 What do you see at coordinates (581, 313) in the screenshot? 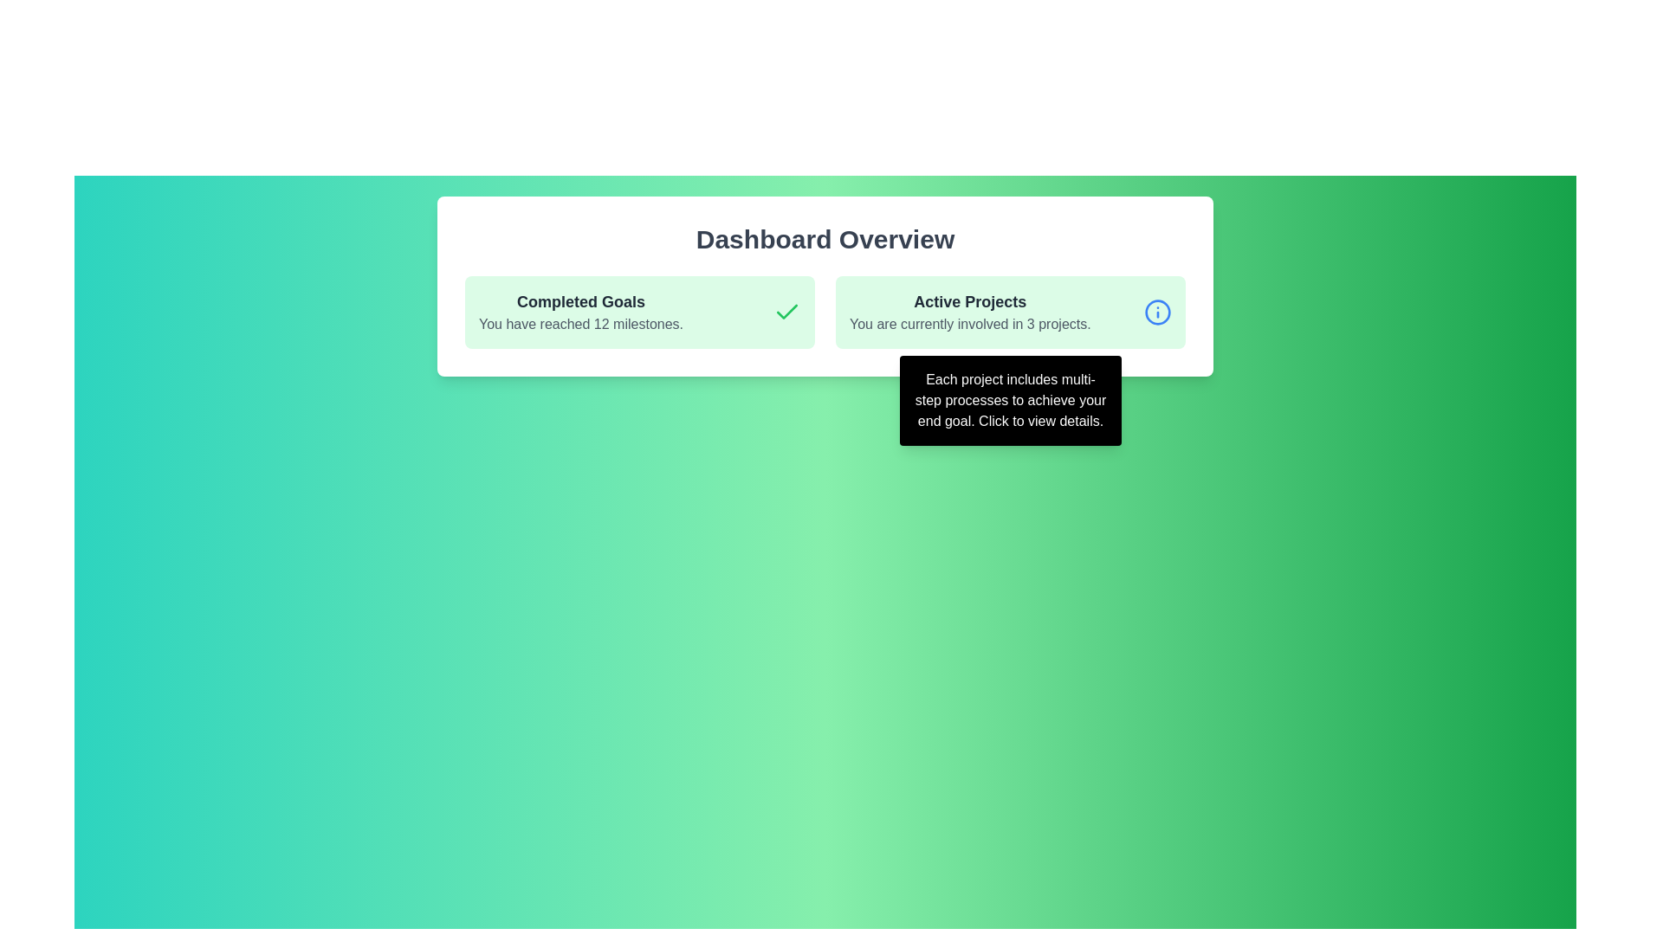
I see `the text block labeled 'Completed Goals', which features bold text in dark gray on a light green rounded background, indicating completed milestones` at bounding box center [581, 313].